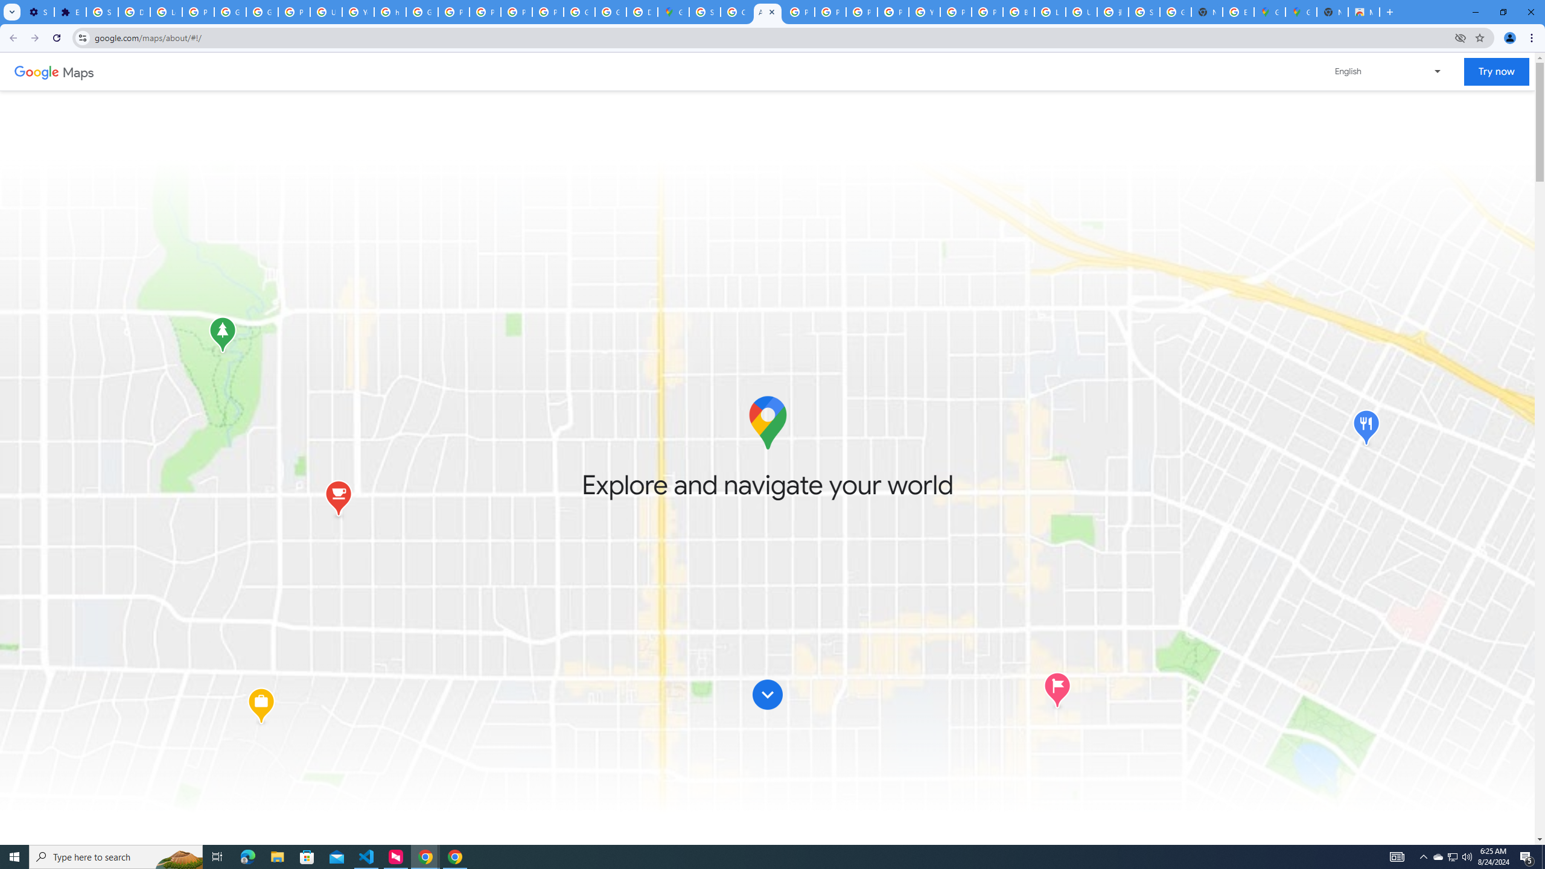  Describe the element at coordinates (39, 11) in the screenshot. I see `'Settings - On startup'` at that location.